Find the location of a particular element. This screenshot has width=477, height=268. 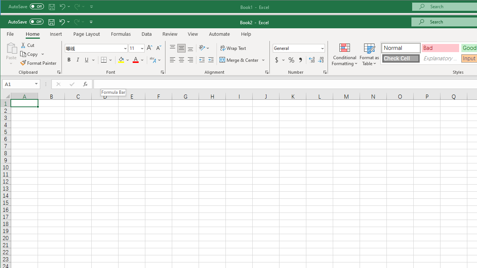

'Copy' is located at coordinates (32, 54).